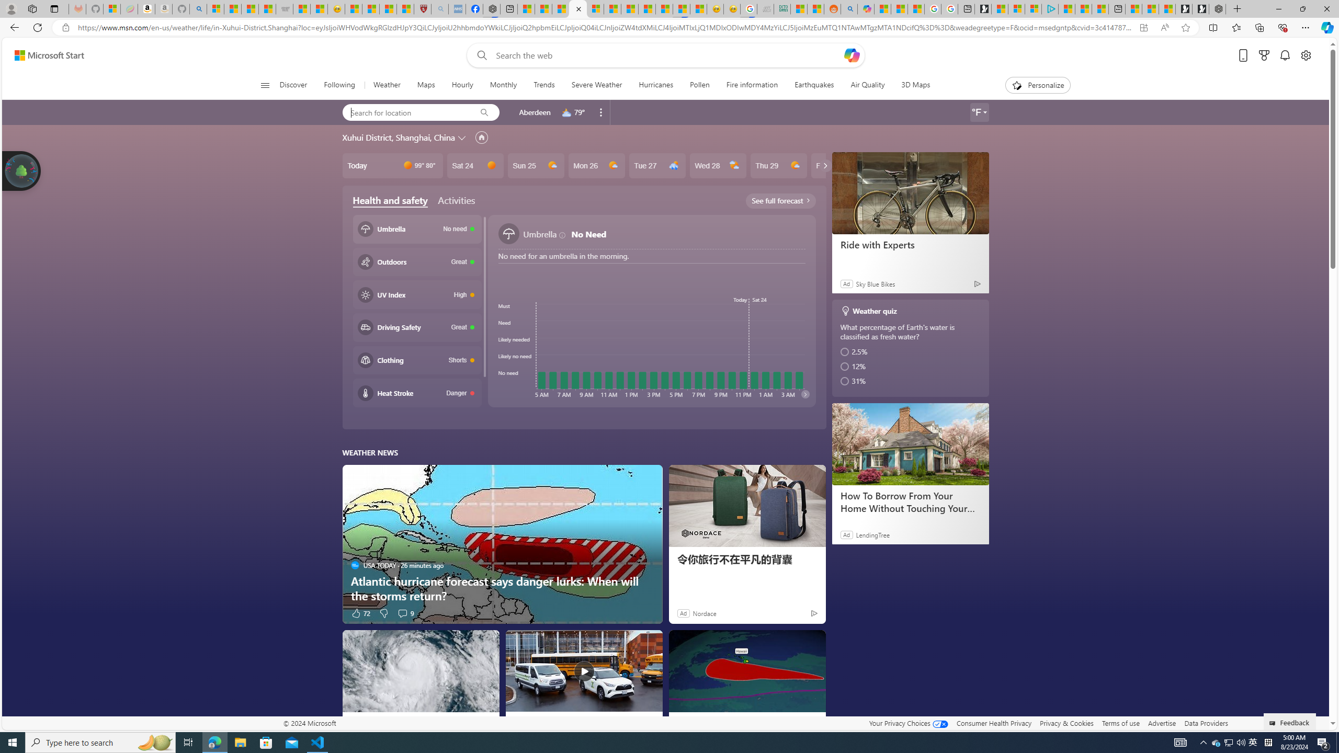 The image size is (1339, 753). Describe the element at coordinates (475, 165) in the screenshot. I see `'Sat 24'` at that location.